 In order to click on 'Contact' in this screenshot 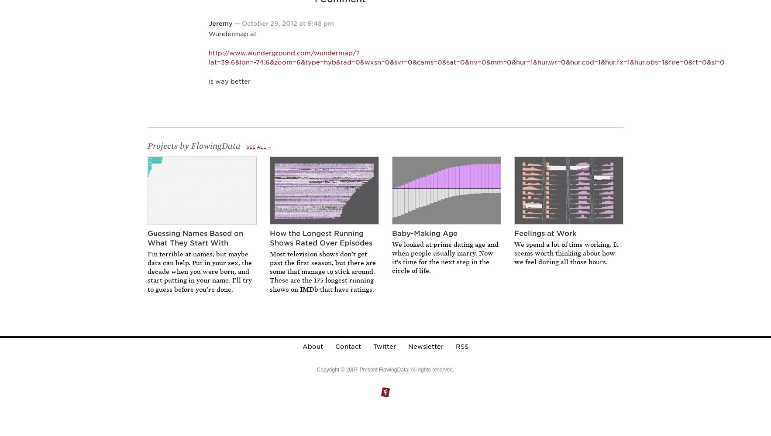, I will do `click(348, 347)`.